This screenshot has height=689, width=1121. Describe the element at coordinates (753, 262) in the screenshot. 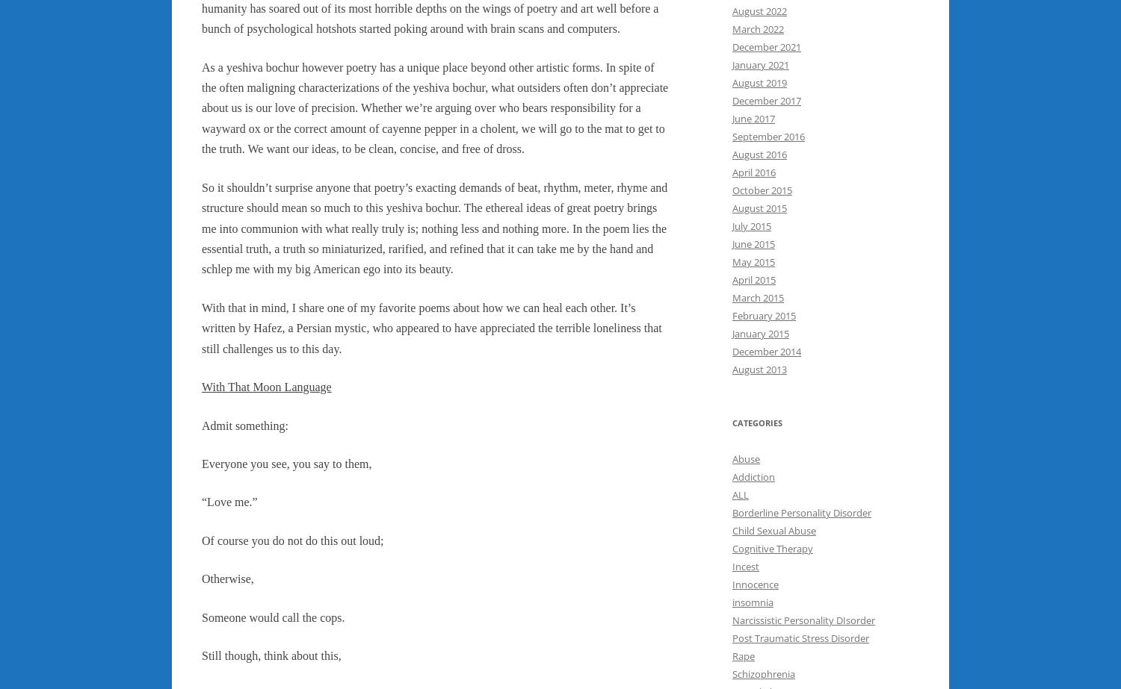

I see `'May 2015'` at that location.